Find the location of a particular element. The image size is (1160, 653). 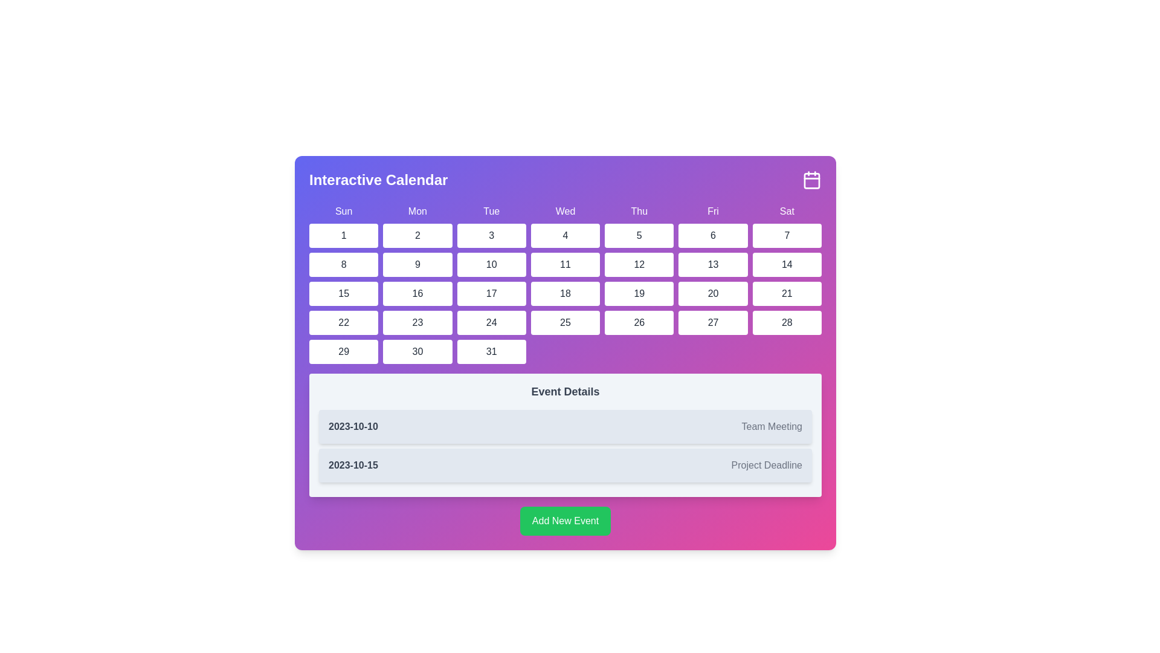

the selectable date button '2' is located at coordinates (417, 235).